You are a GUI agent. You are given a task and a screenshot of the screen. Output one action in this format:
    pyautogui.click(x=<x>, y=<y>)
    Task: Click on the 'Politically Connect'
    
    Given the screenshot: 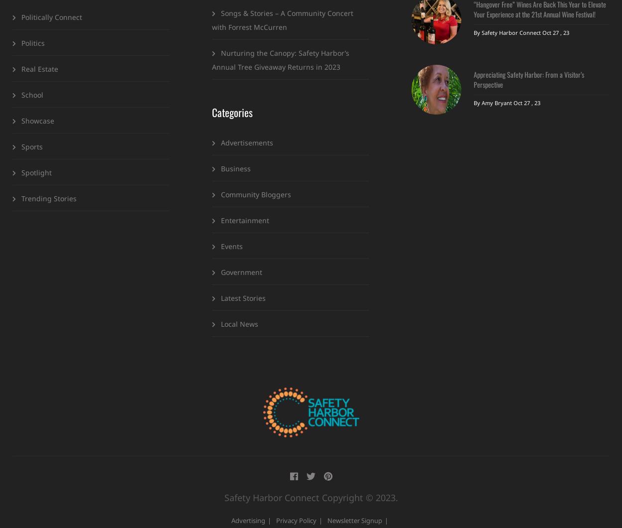 What is the action you would take?
    pyautogui.click(x=51, y=17)
    